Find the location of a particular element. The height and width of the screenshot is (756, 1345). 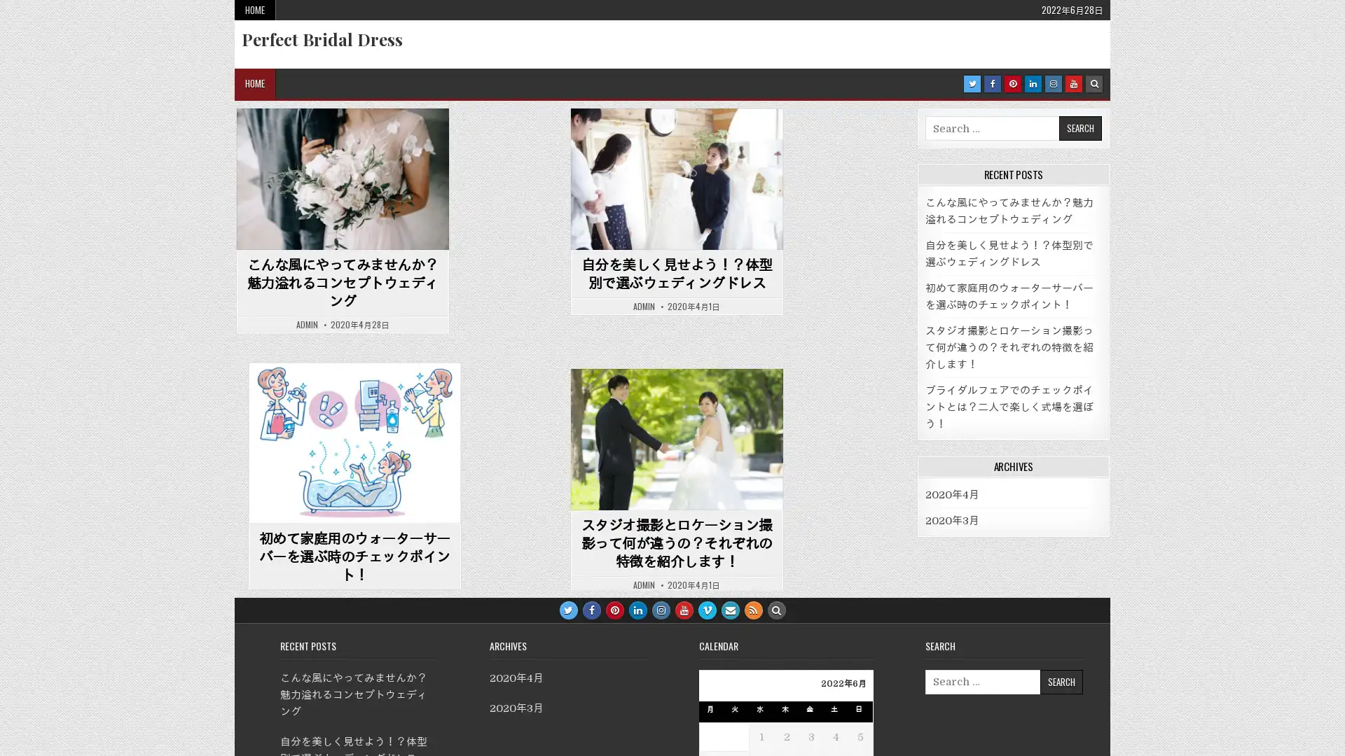

Search is located at coordinates (1061, 680).